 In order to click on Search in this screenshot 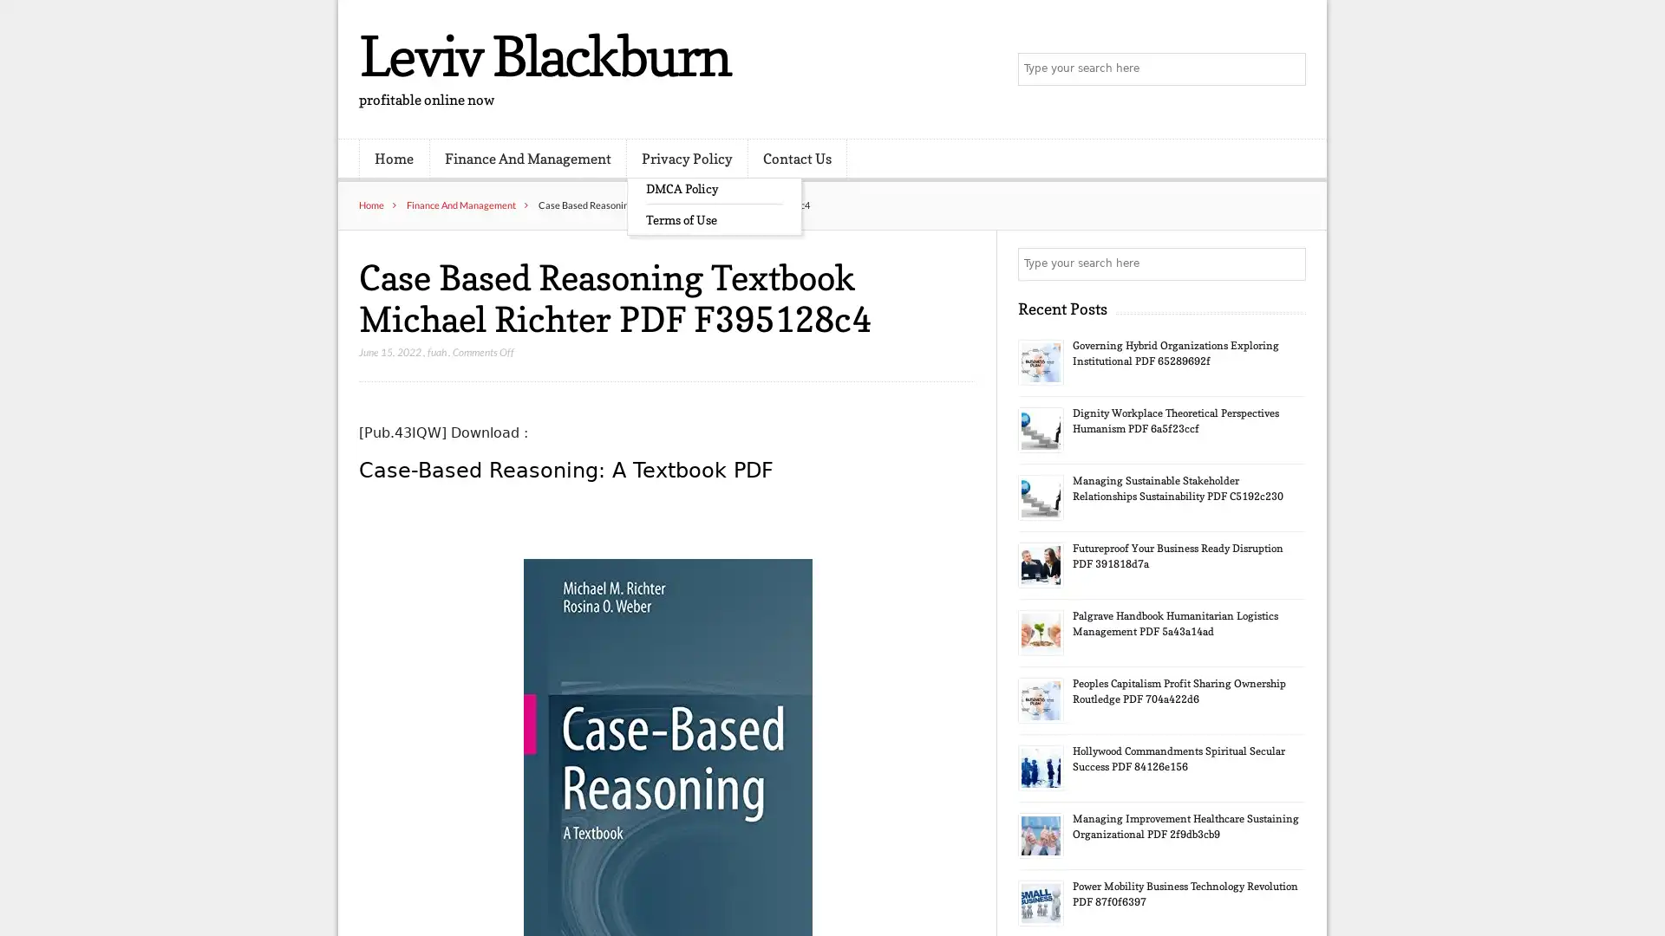, I will do `click(1288, 263)`.